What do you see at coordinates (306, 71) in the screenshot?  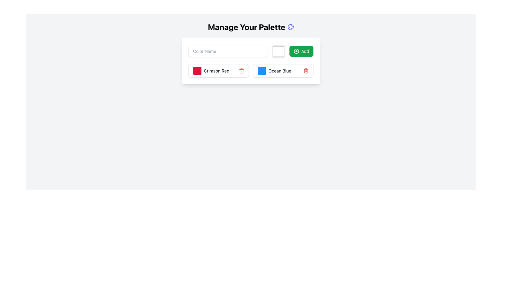 I see `the trash can icon located within the color palette management section, positioned to the right of the 'Crimson Red' and 'Ocean Blue' color swatches` at bounding box center [306, 71].